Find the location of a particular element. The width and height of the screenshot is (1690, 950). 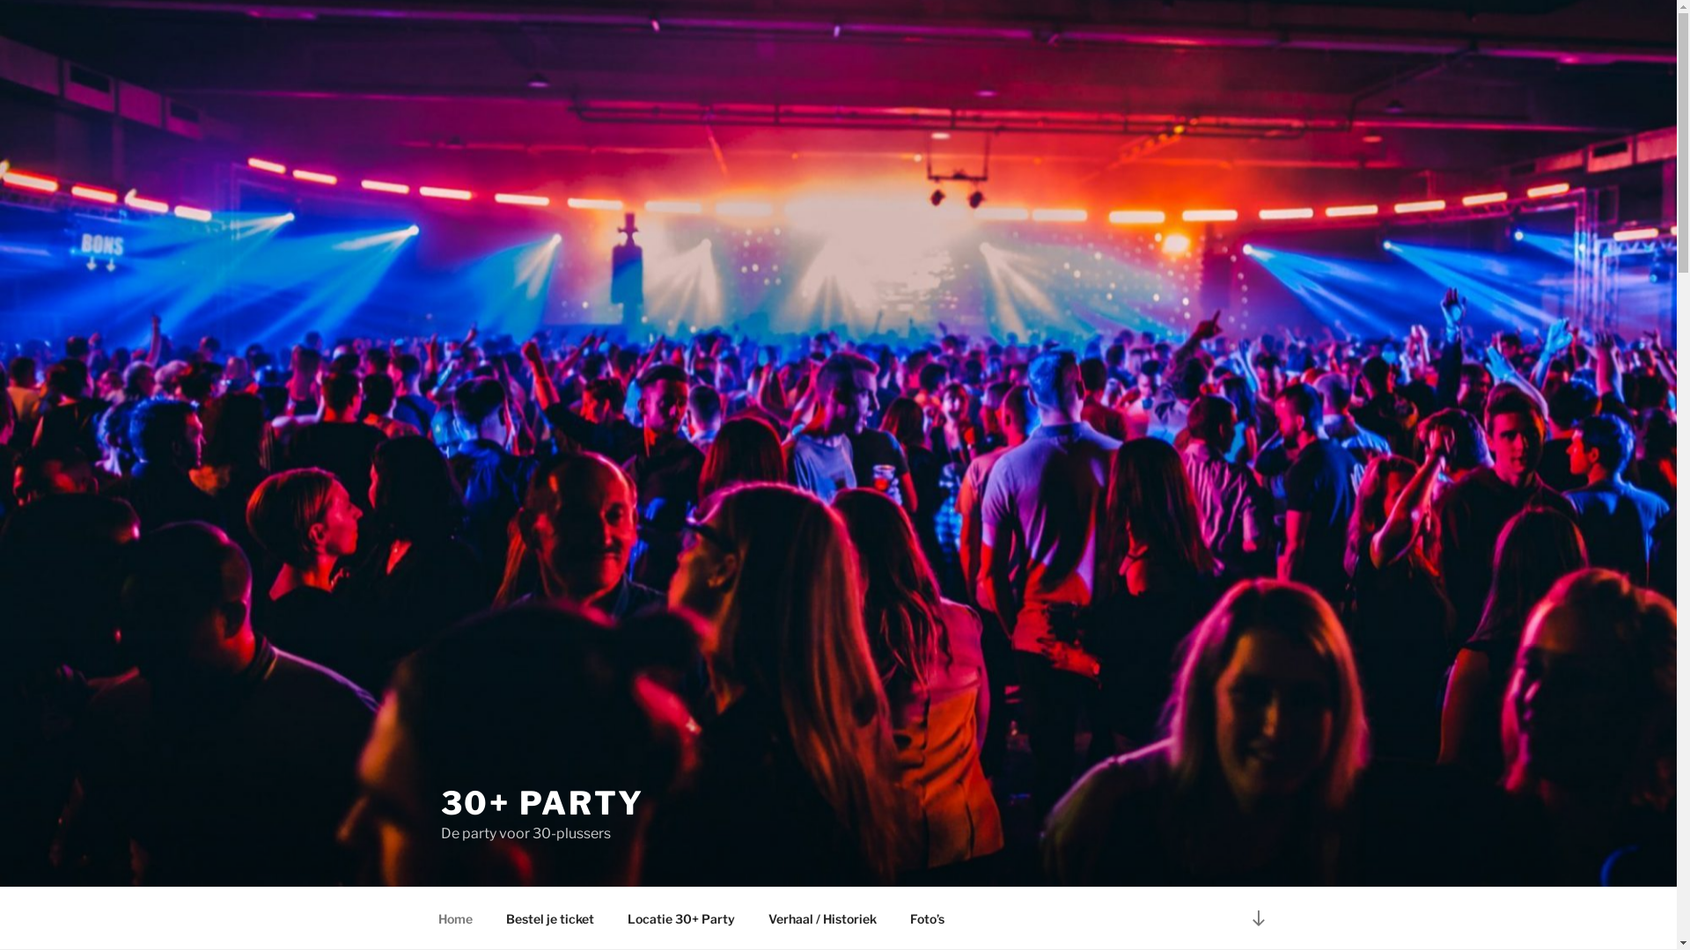

'Home' is located at coordinates (455, 917).